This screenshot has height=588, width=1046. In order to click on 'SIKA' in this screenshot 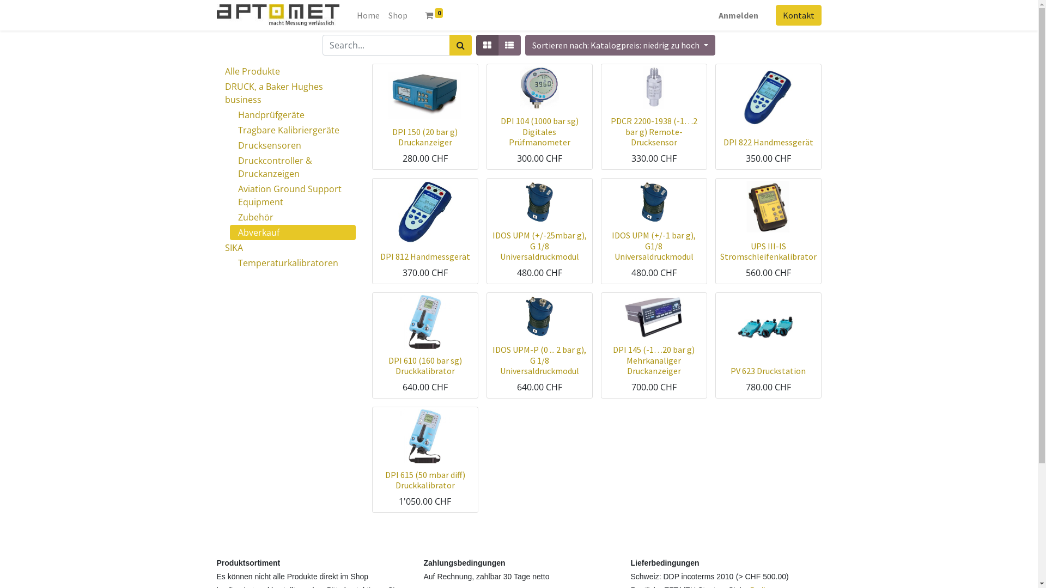, I will do `click(286, 248)`.